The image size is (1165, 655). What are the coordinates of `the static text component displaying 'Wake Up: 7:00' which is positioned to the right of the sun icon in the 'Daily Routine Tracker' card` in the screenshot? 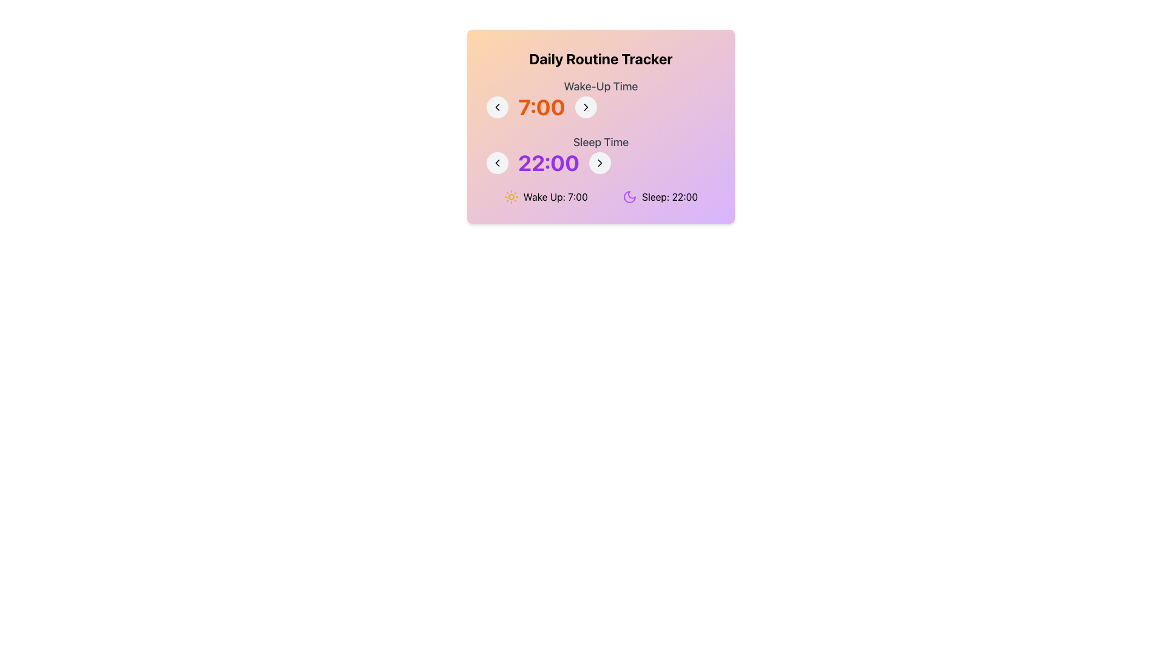 It's located at (555, 196).